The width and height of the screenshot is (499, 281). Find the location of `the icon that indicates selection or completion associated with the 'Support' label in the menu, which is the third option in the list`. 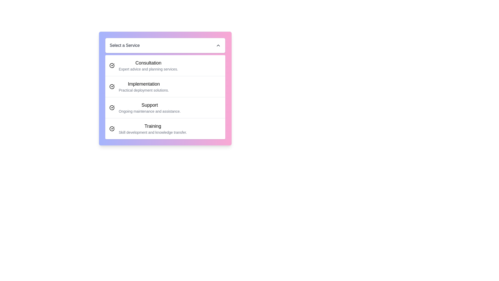

the icon that indicates selection or completion associated with the 'Support' label in the menu, which is the third option in the list is located at coordinates (112, 107).